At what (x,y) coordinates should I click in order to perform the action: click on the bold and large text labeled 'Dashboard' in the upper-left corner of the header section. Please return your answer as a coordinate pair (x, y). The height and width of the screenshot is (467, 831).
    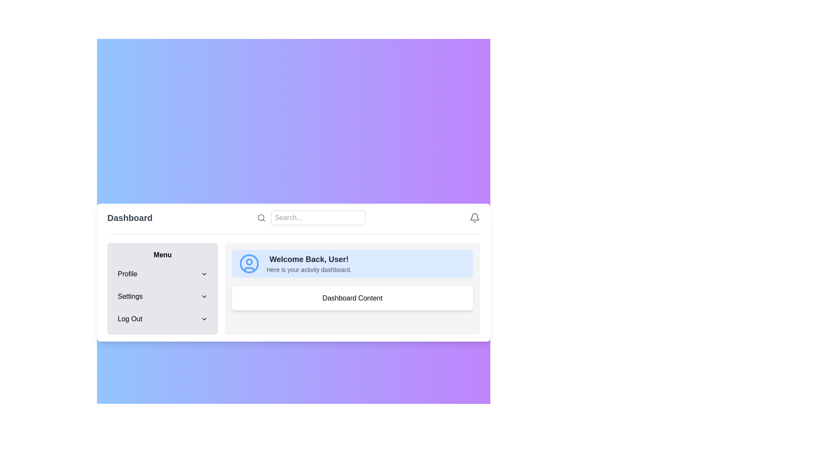
    Looking at the image, I should click on (129, 217).